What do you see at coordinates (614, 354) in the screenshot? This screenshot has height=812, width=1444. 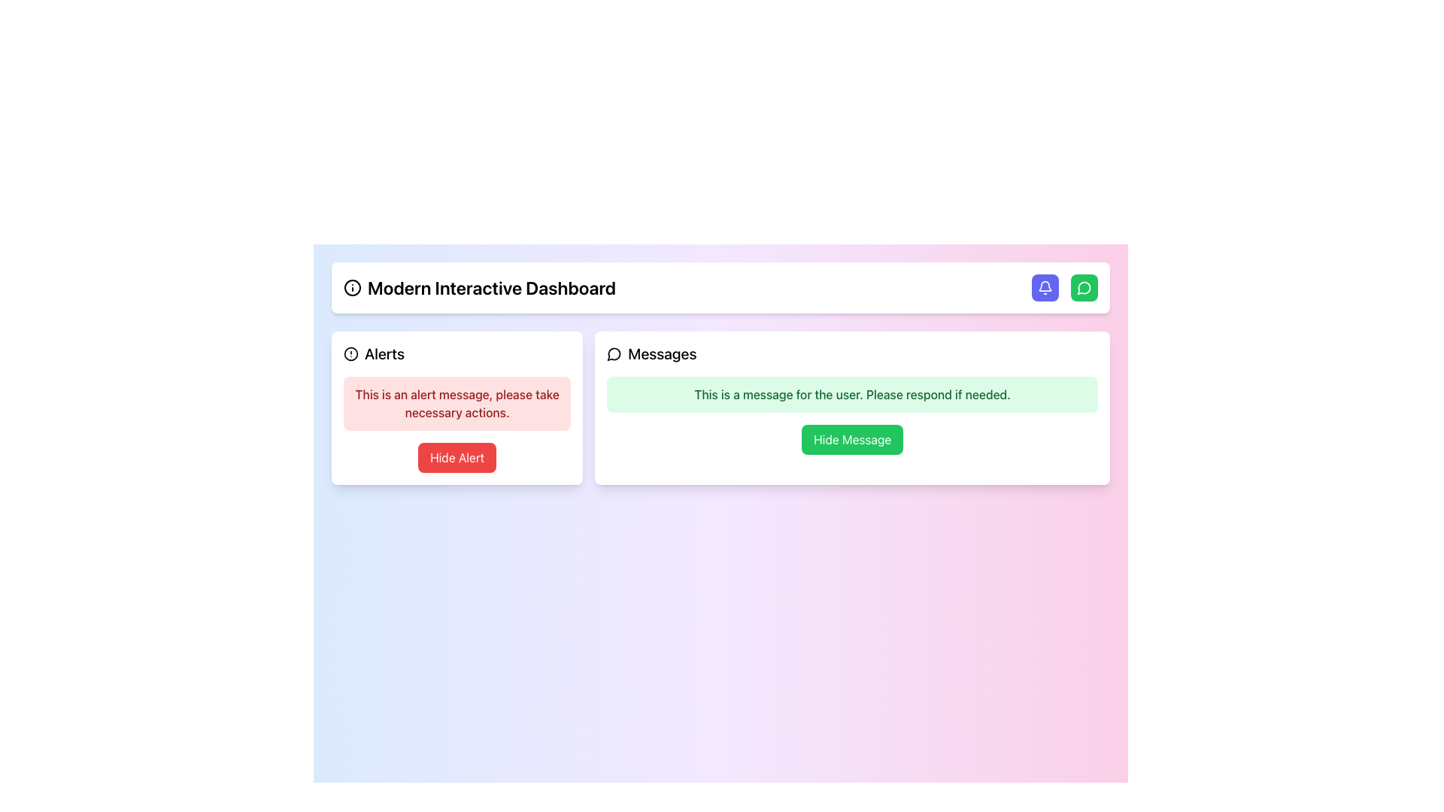 I see `the message icon located as the second icon from the right in the top-right corner of the header` at bounding box center [614, 354].